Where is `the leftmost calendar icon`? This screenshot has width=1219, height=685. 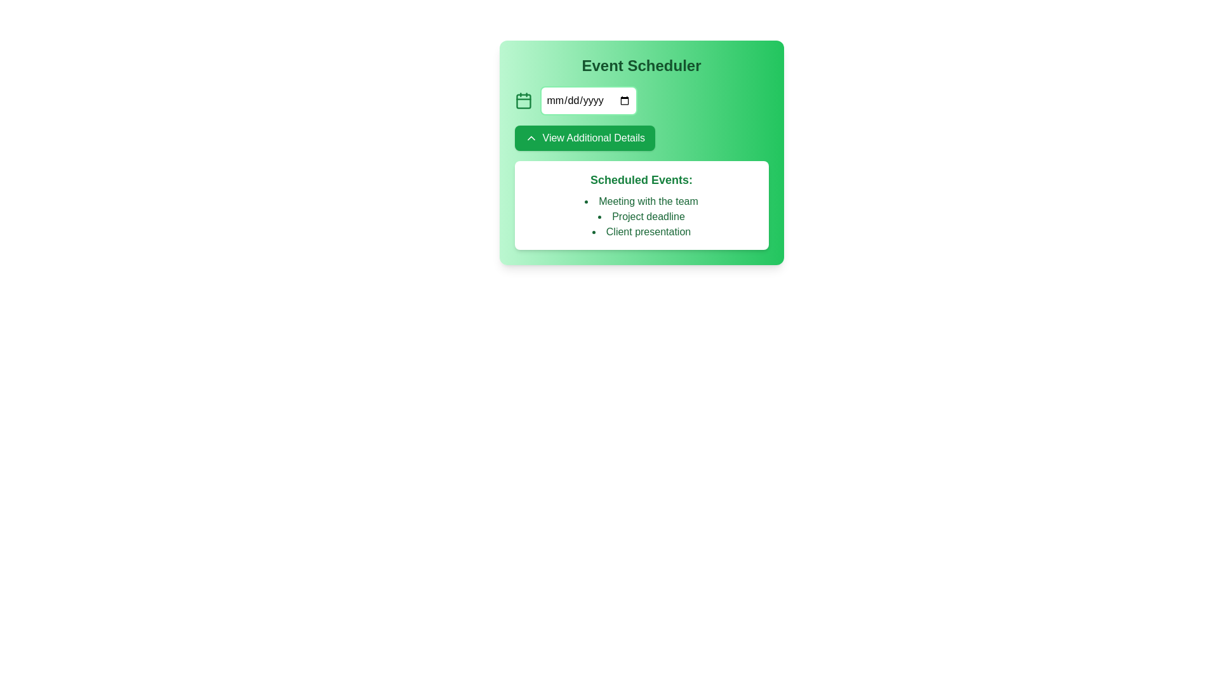
the leftmost calendar icon is located at coordinates (523, 100).